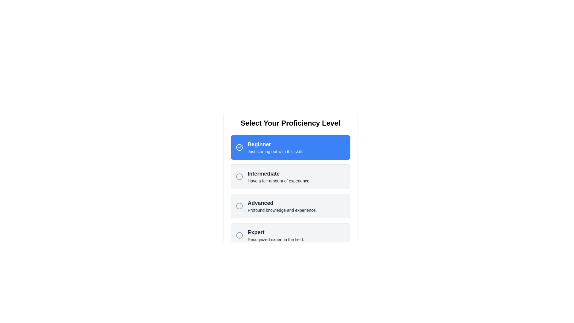 This screenshot has width=574, height=323. Describe the element at coordinates (290, 176) in the screenshot. I see `the 'Intermediate' selectable card, which is a compact rectangular component with rounded corners, styled in light gray, containing a circular icon and bold text 'Intermediate'` at that location.